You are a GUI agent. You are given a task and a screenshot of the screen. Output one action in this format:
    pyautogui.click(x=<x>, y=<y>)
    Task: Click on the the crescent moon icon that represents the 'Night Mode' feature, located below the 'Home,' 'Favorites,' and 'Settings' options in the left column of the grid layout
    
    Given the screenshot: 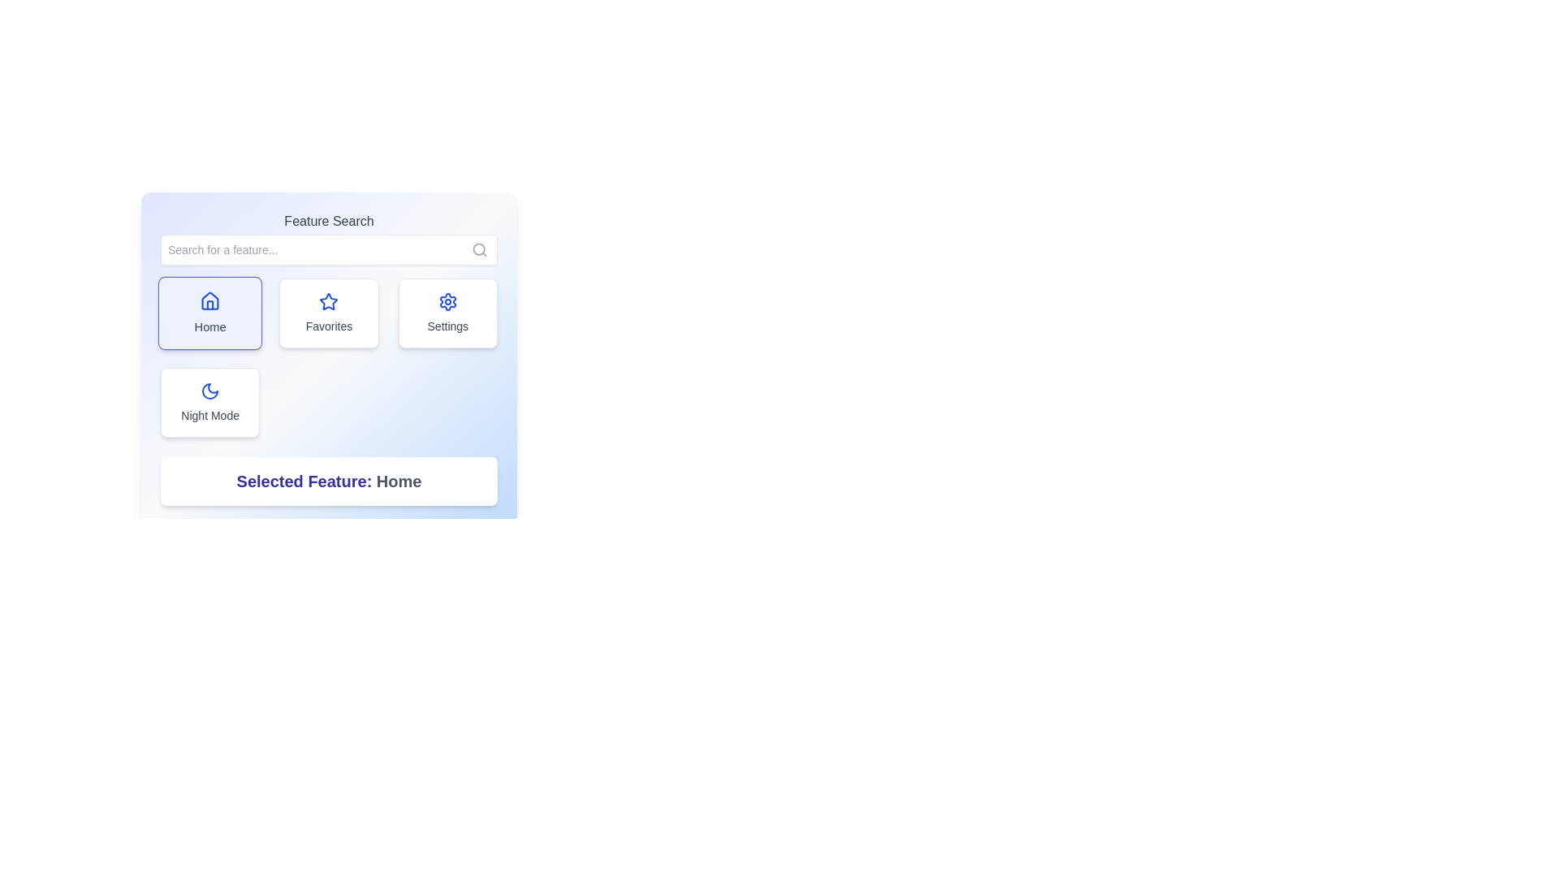 What is the action you would take?
    pyautogui.click(x=209, y=391)
    